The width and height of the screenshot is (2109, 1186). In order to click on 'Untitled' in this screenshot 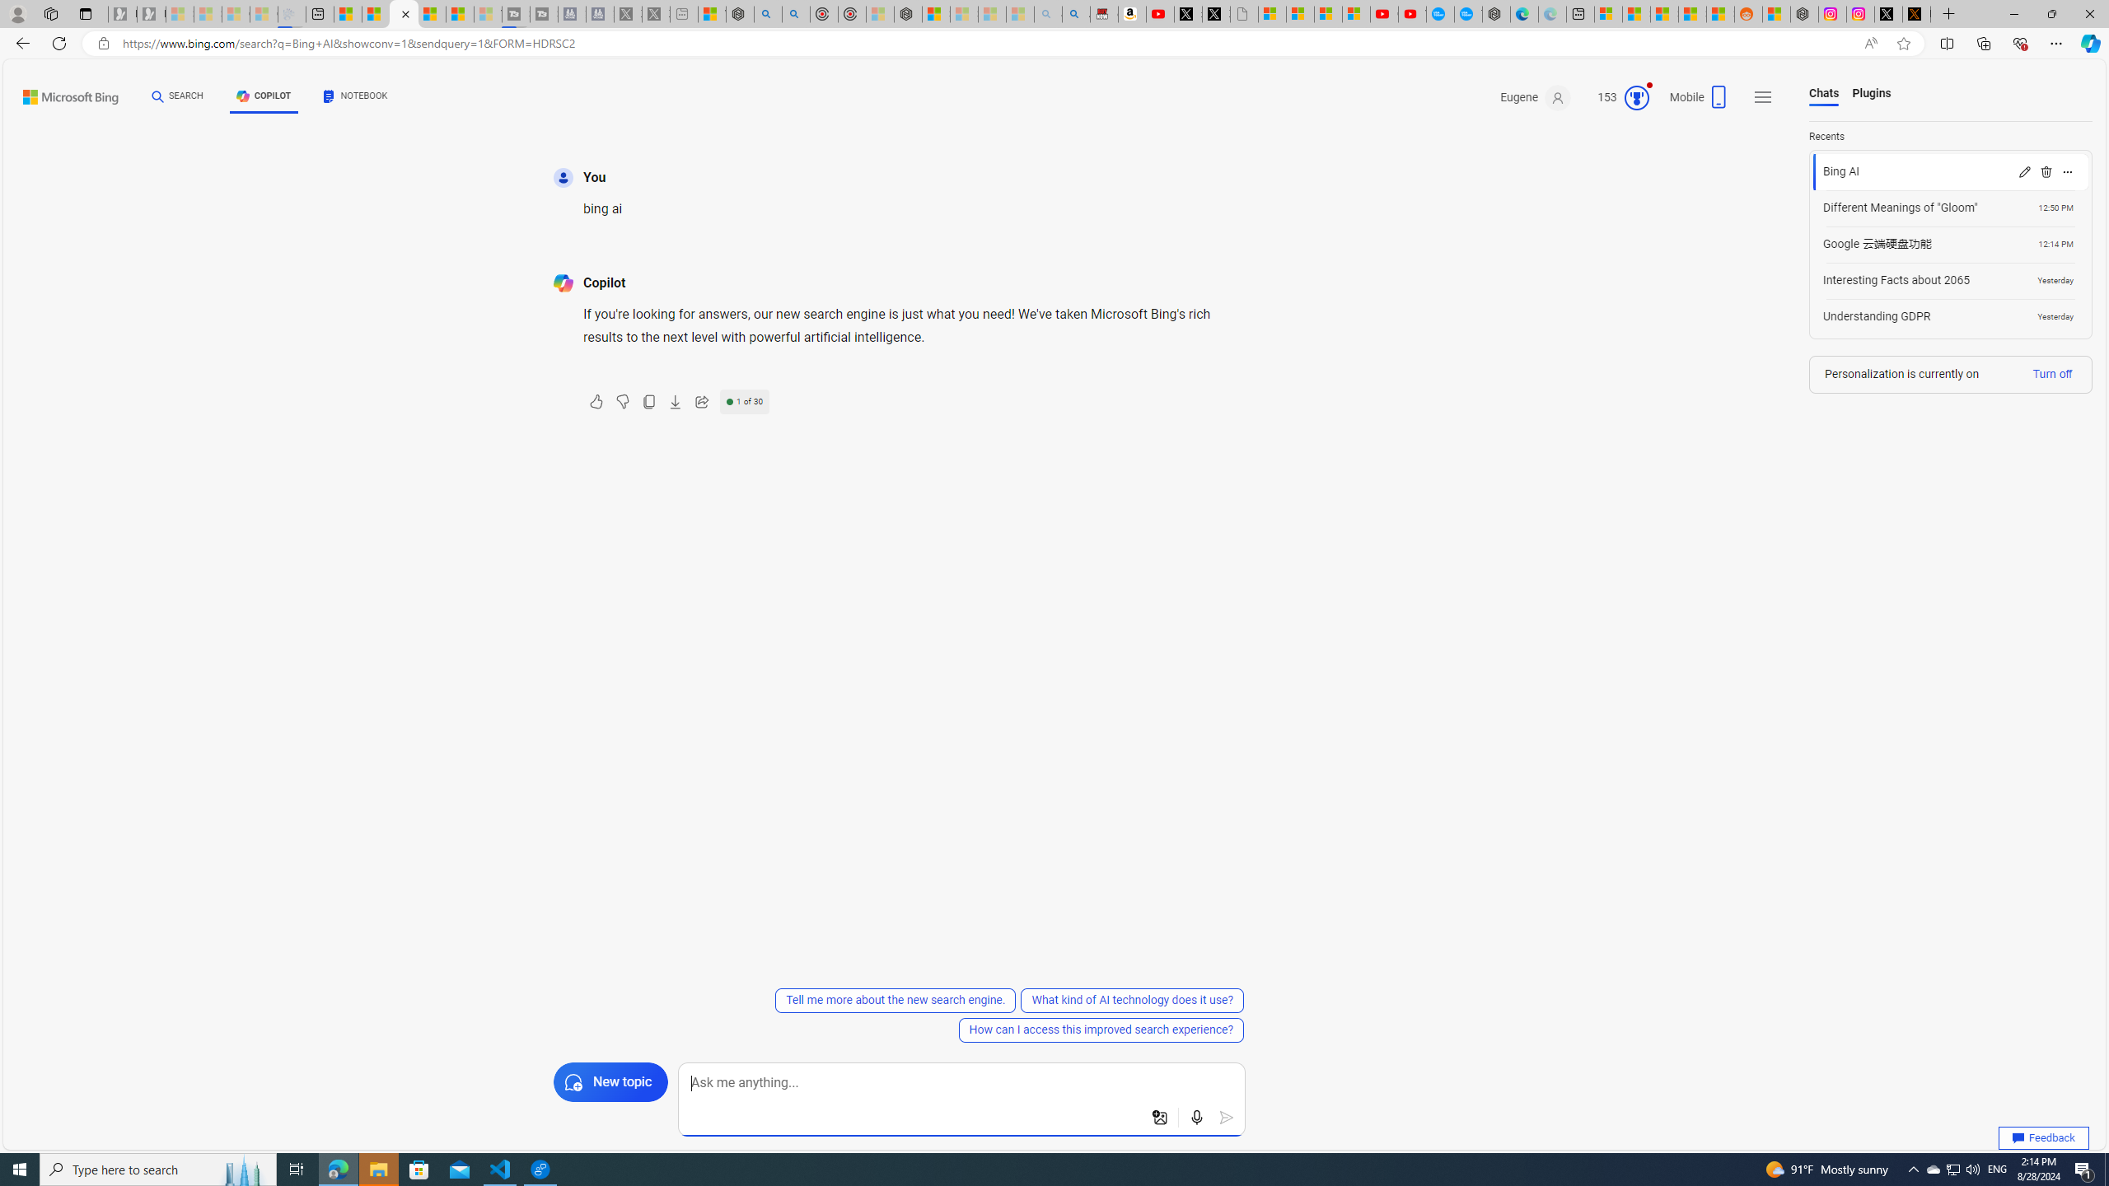, I will do `click(1243, 13)`.